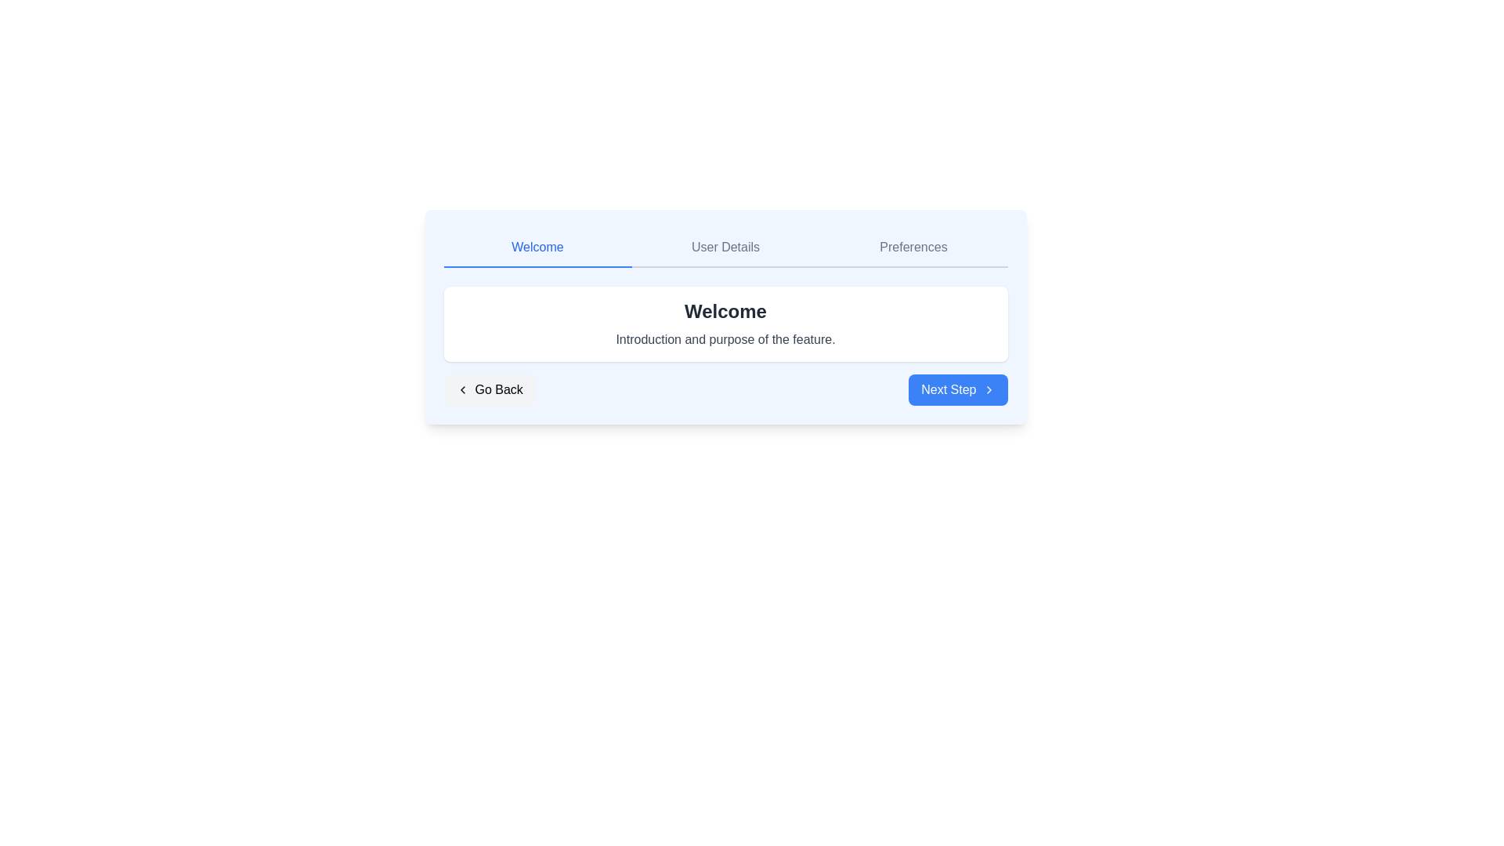 This screenshot has height=846, width=1504. What do you see at coordinates (537, 247) in the screenshot?
I see `the 'Welcome' tab, which is the first tab in the tab list, displaying the text in blue with a bolded, centered alignment and an active blue border` at bounding box center [537, 247].